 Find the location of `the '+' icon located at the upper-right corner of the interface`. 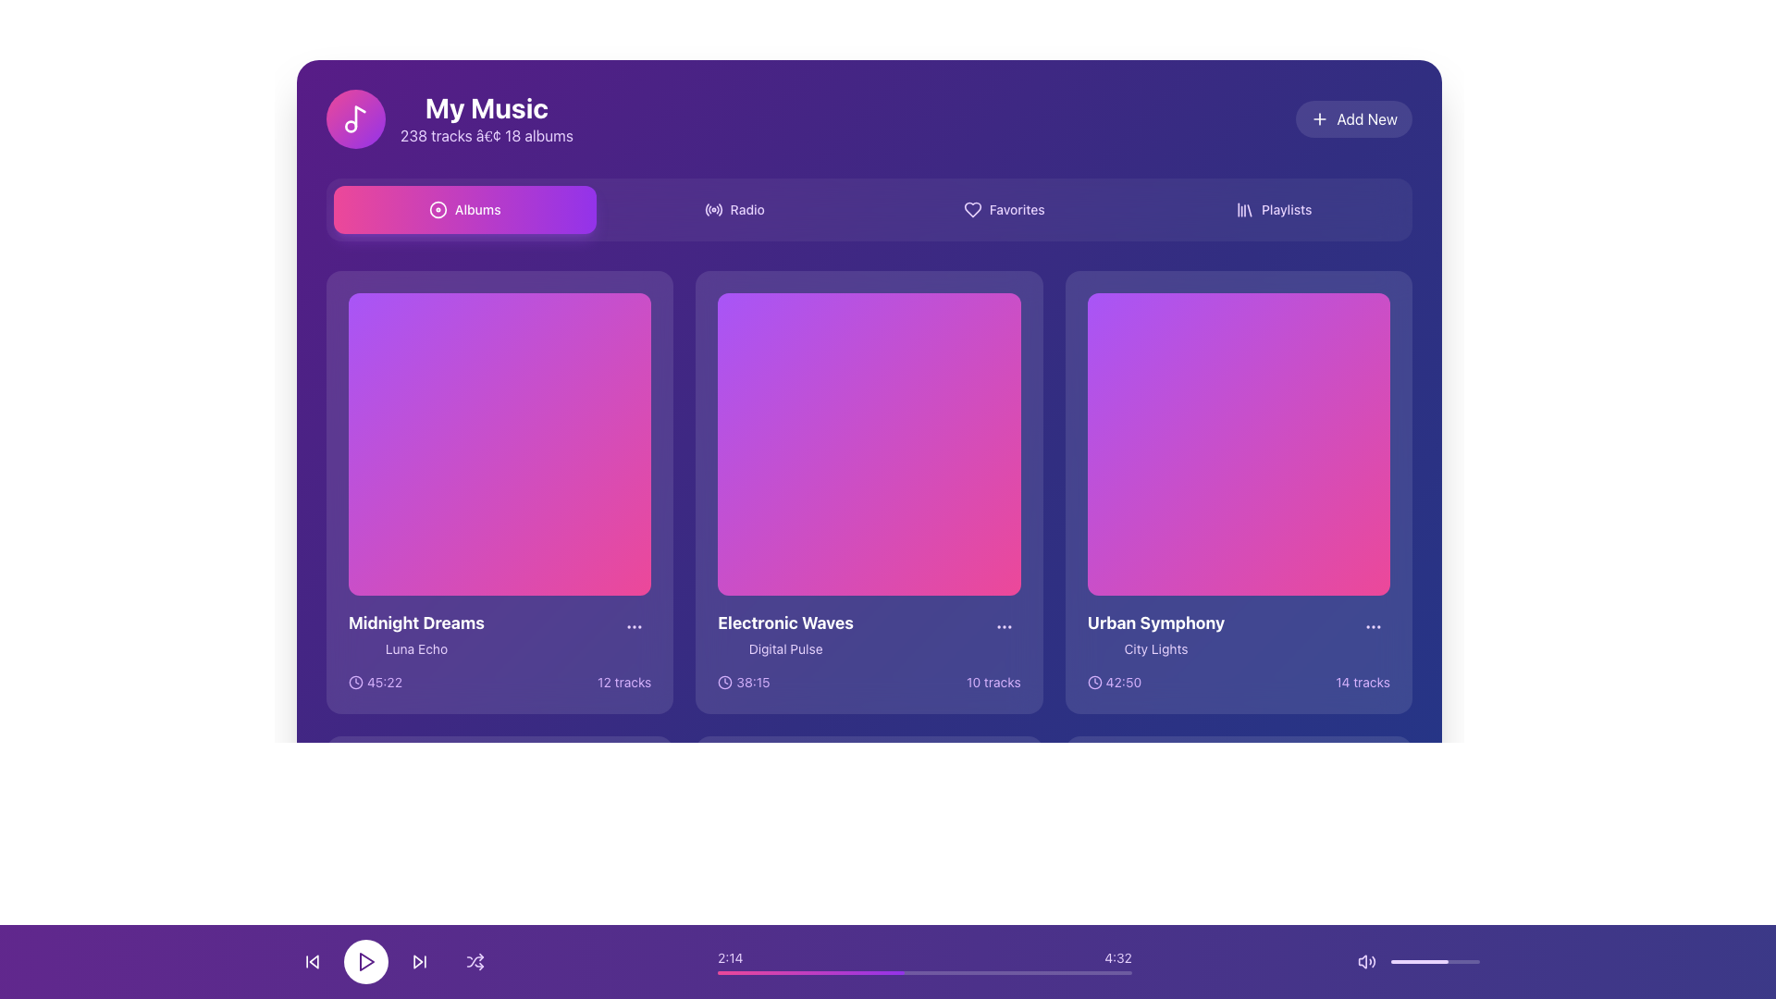

the '+' icon located at the upper-right corner of the interface is located at coordinates (1319, 118).